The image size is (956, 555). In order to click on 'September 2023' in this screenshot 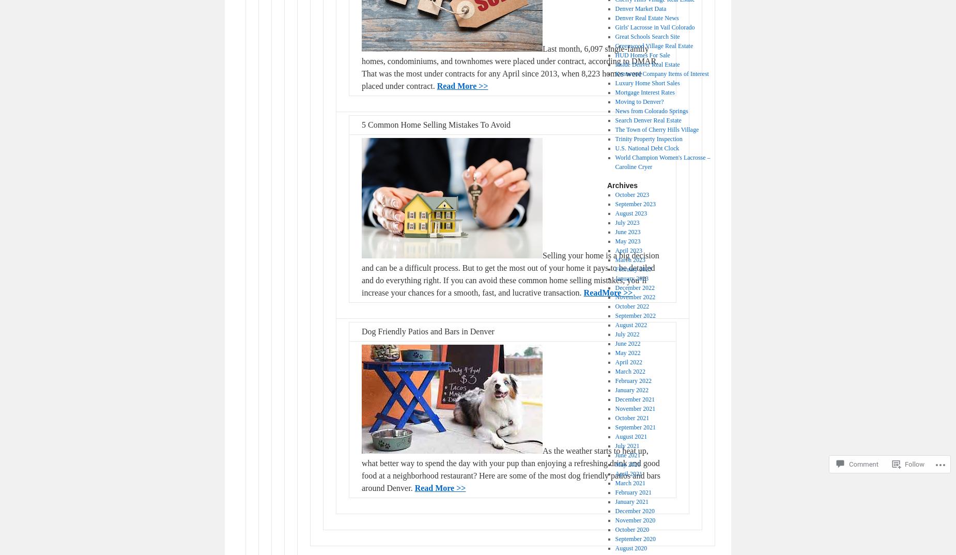, I will do `click(634, 204)`.